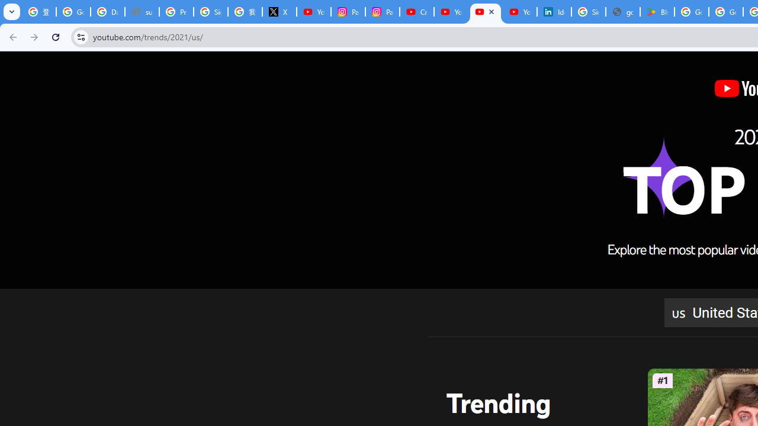 This screenshot has width=758, height=426. What do you see at coordinates (725, 12) in the screenshot?
I see `'Google Workspace - Specific Terms'` at bounding box center [725, 12].